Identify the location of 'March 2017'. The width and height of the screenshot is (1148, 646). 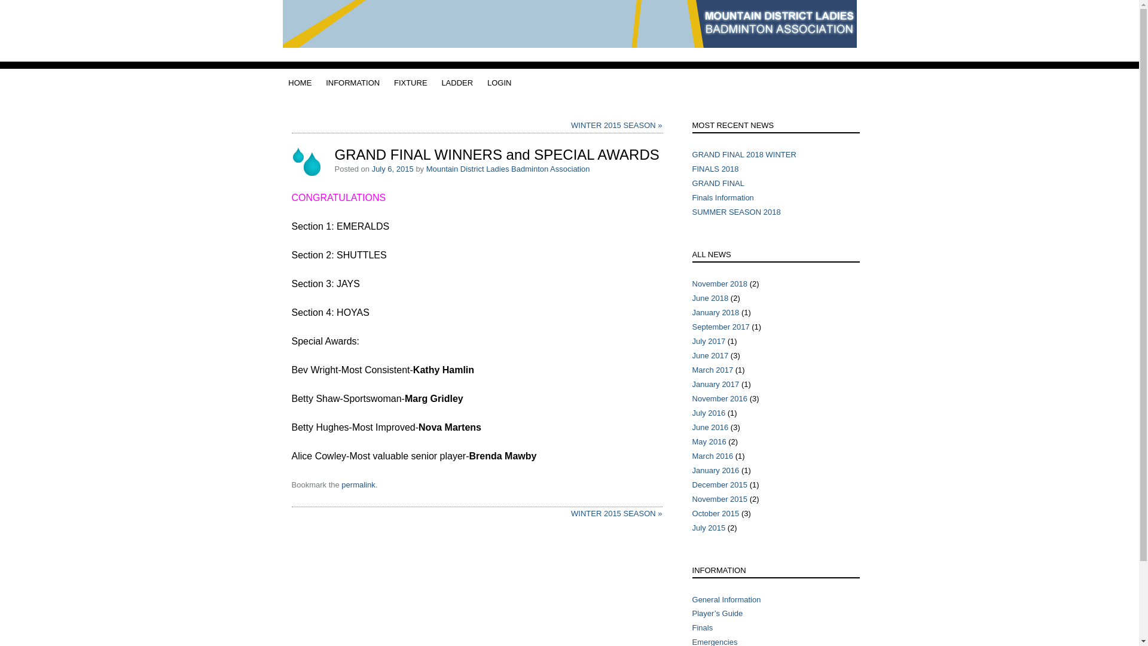
(713, 369).